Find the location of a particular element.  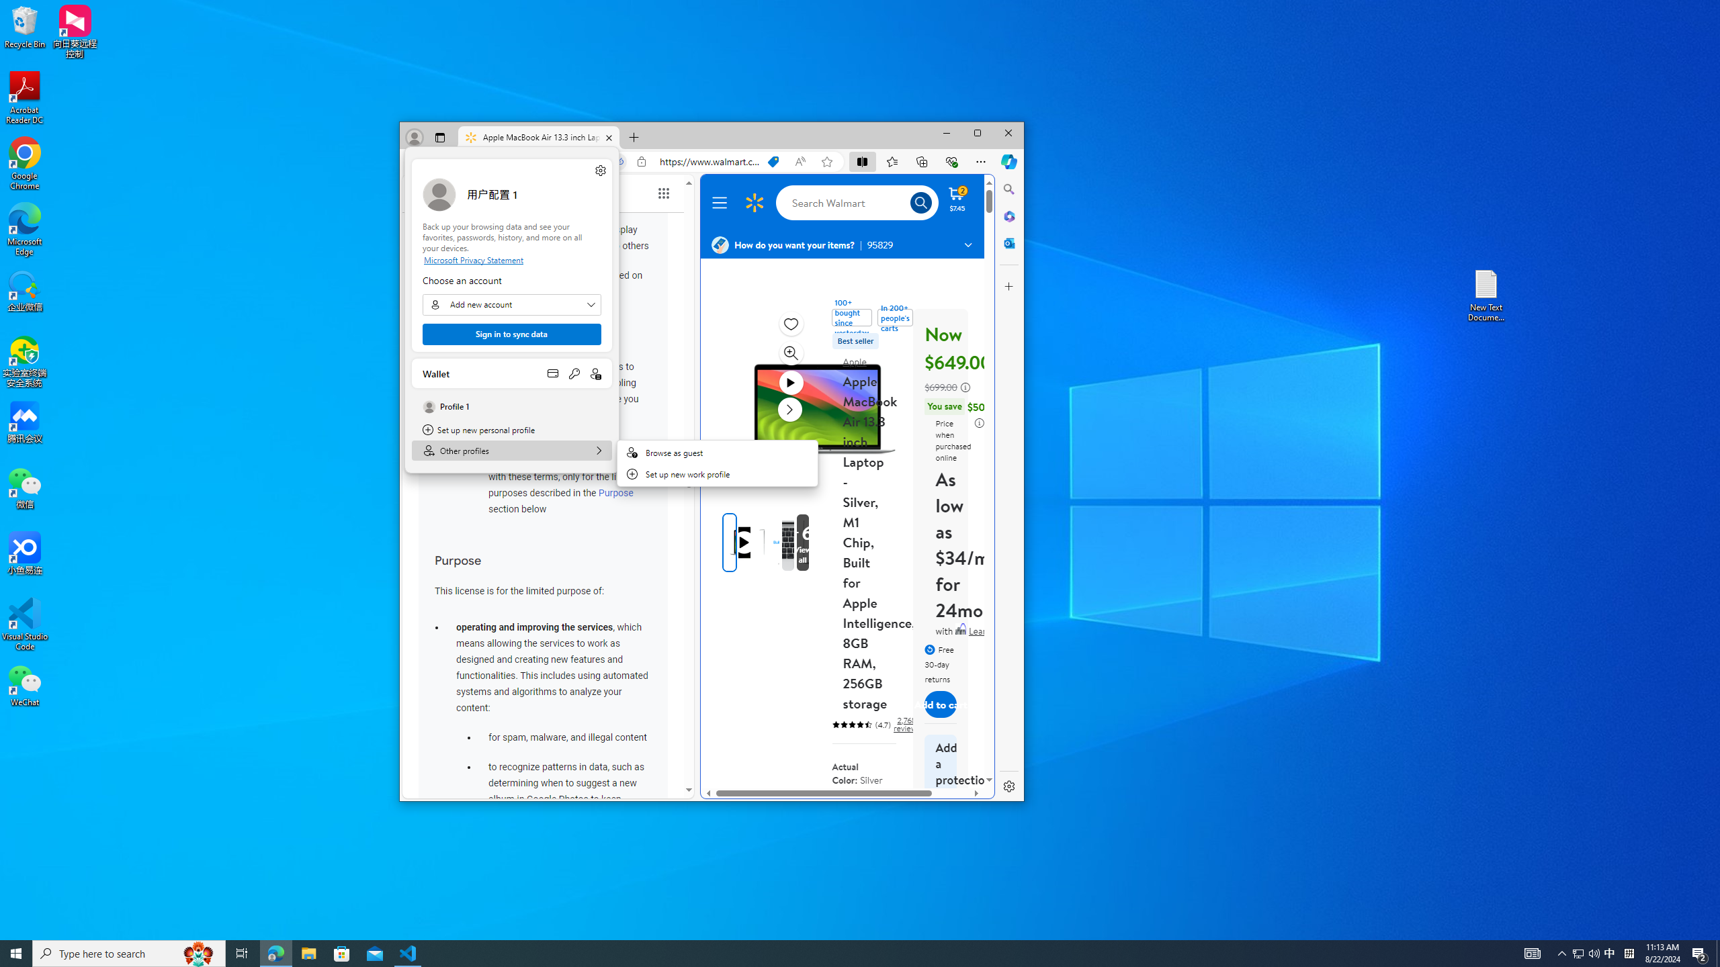

'Choose an account' is located at coordinates (512, 304).